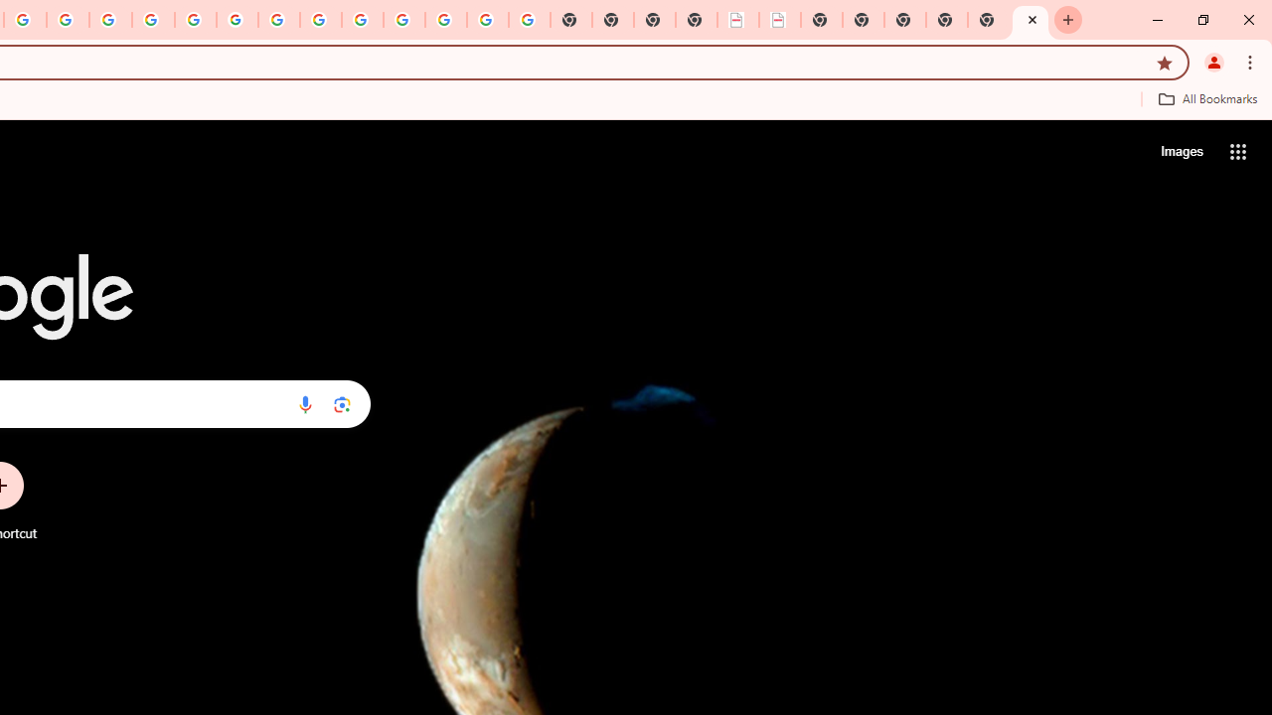 This screenshot has height=715, width=1272. What do you see at coordinates (109, 20) in the screenshot?
I see `'Privacy Help Center - Policies Help'` at bounding box center [109, 20].